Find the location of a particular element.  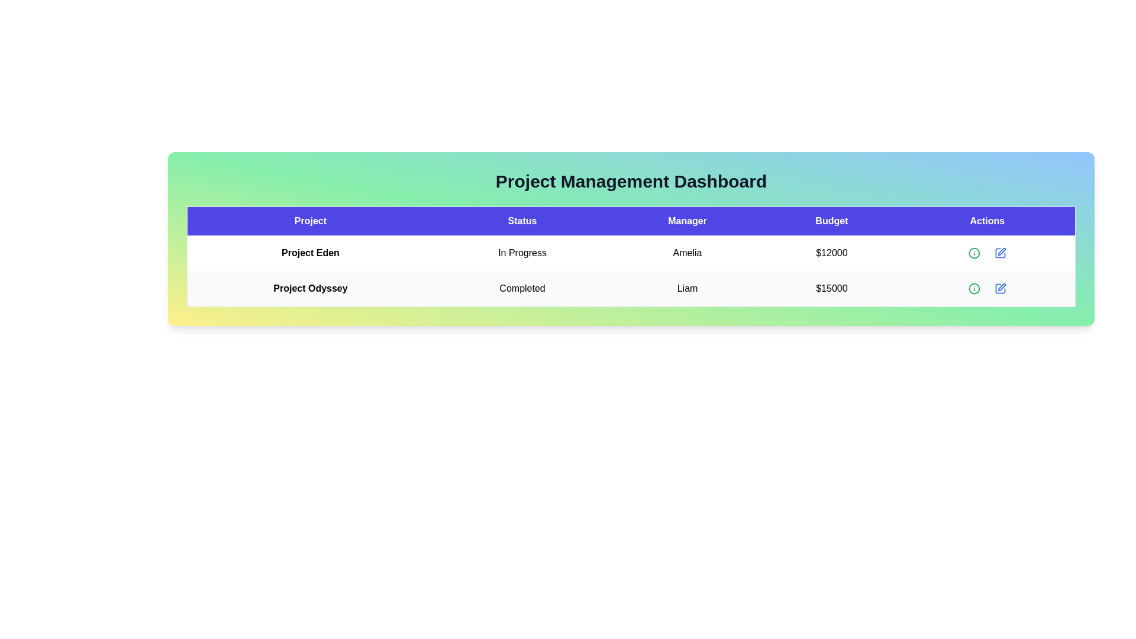

the edit icon located in the 'Actions' column of the second row, positioned to the right of 'Completed' status and 'Liam' is located at coordinates (1001, 287).